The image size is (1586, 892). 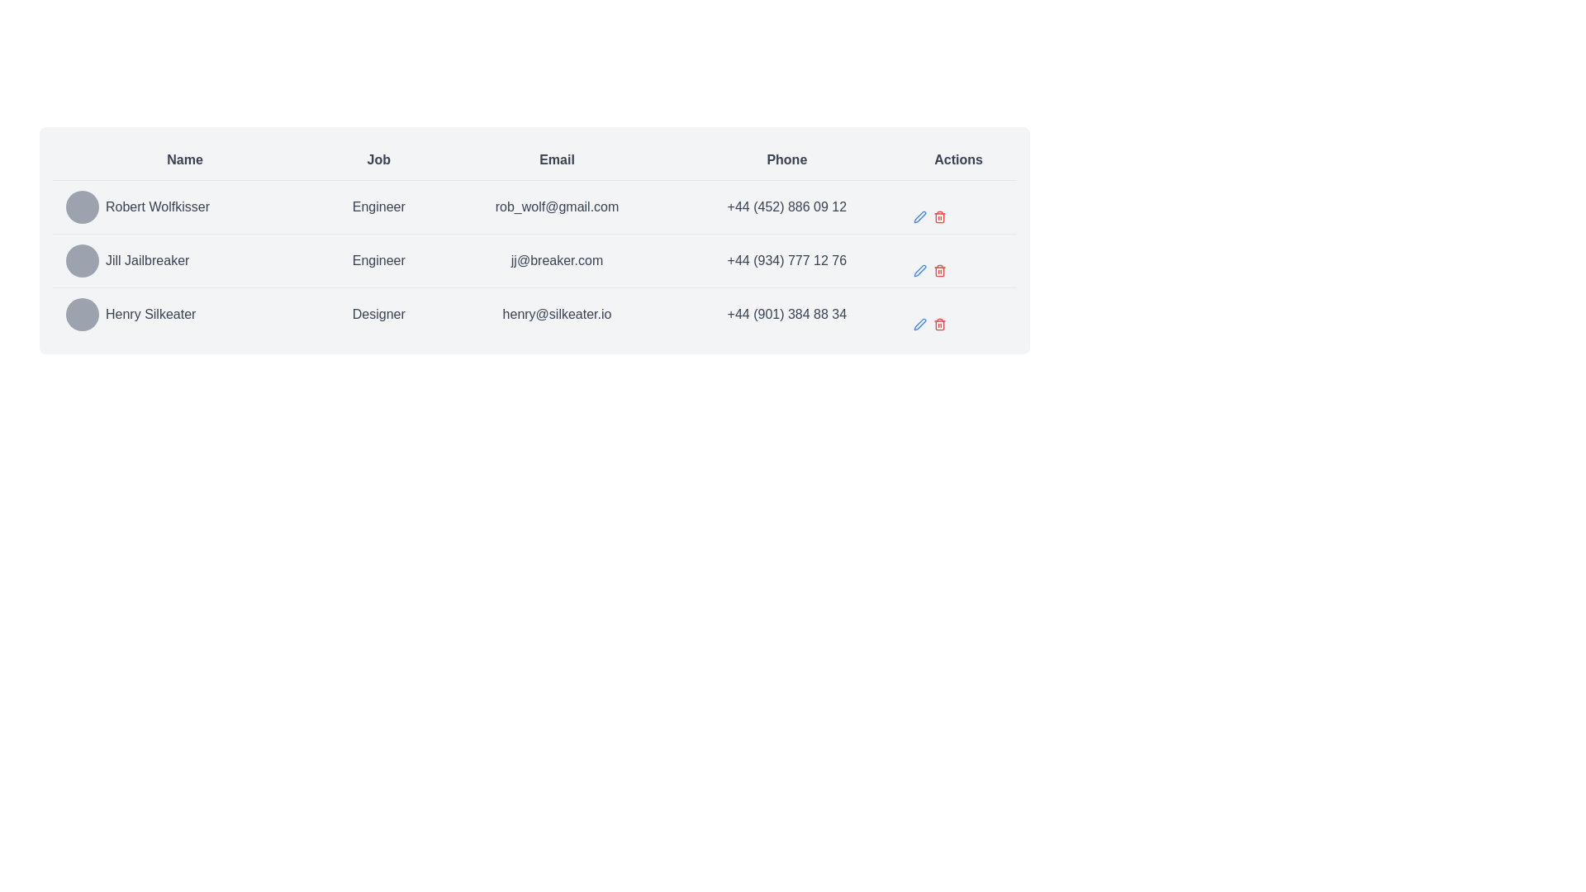 What do you see at coordinates (534, 206) in the screenshot?
I see `the first row of the user details table to view the context menu` at bounding box center [534, 206].